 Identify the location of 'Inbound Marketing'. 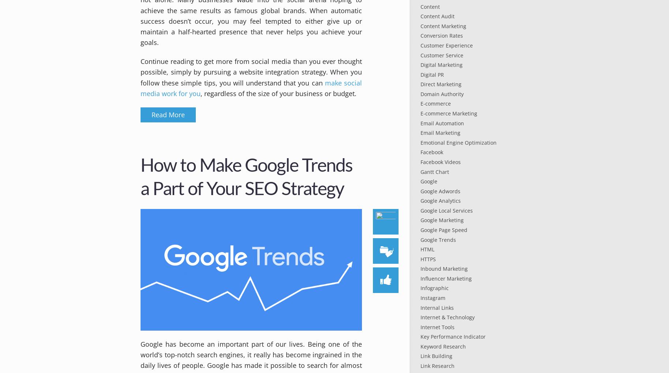
(444, 268).